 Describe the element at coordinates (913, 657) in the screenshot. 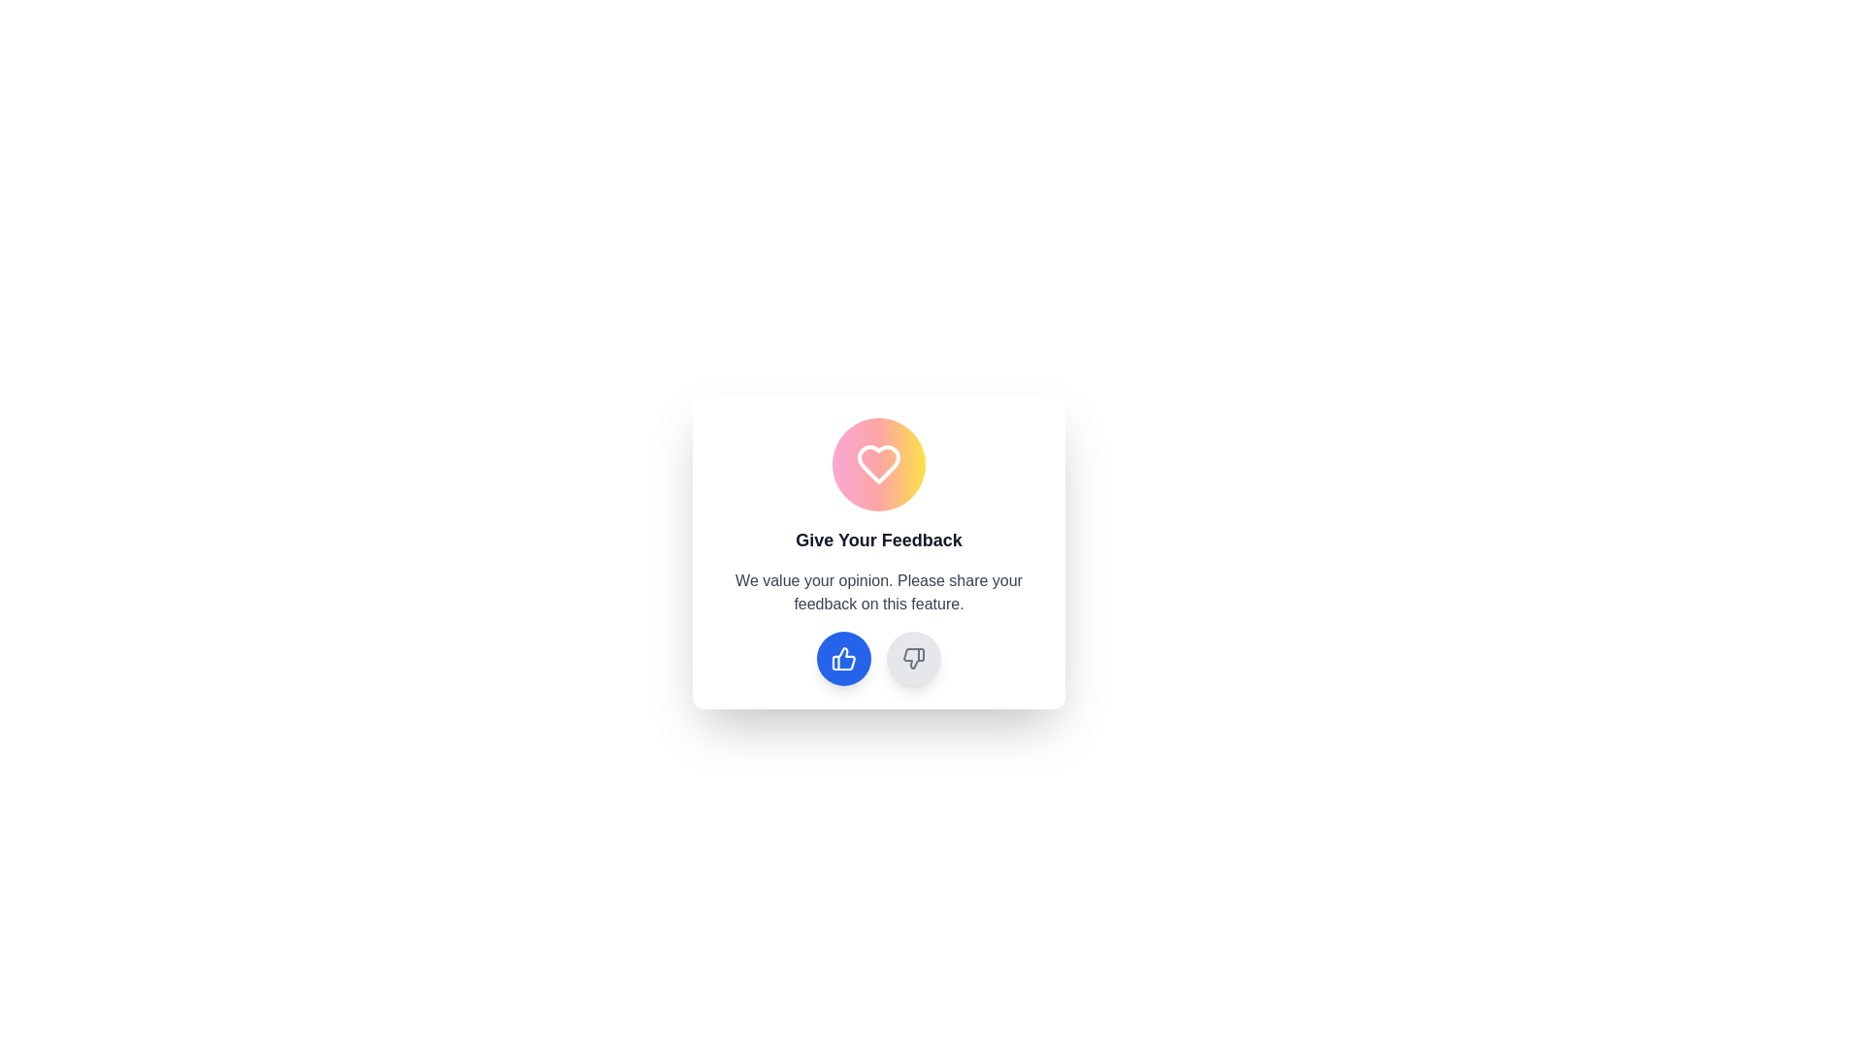

I see `the negative feedback button, which is the second icon from the left below the feedback text` at that location.